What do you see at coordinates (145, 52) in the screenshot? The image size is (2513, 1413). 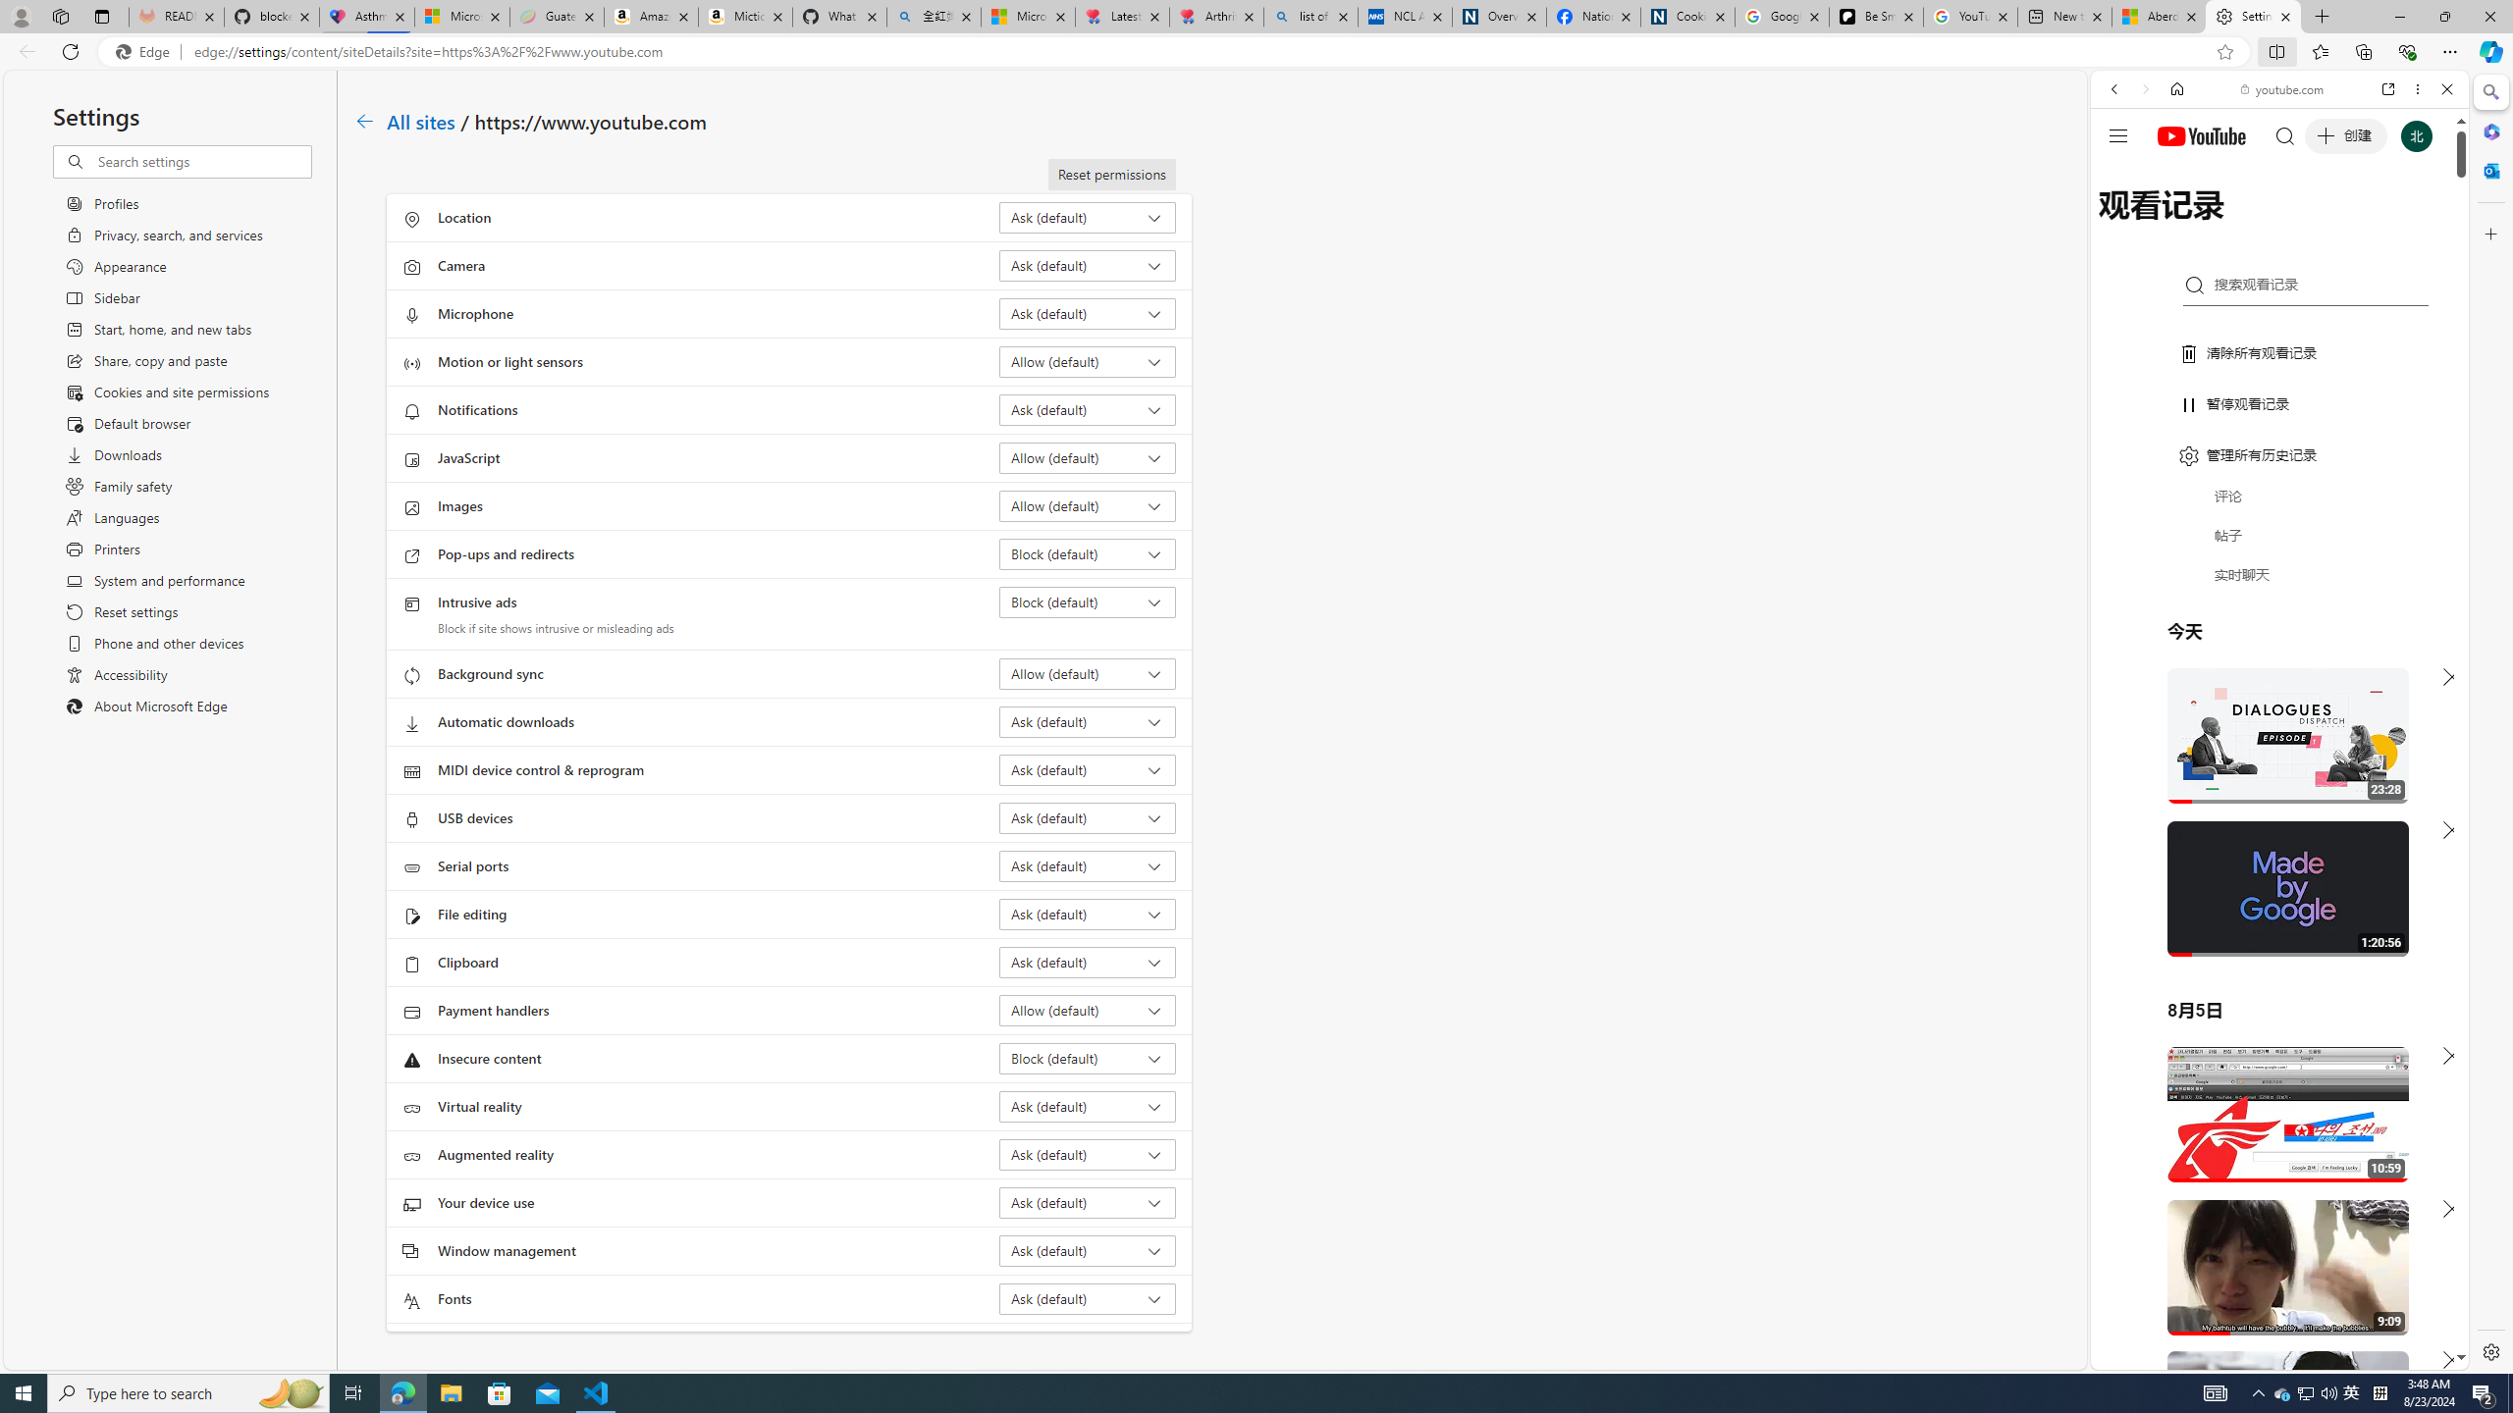 I see `'Edge'` at bounding box center [145, 52].